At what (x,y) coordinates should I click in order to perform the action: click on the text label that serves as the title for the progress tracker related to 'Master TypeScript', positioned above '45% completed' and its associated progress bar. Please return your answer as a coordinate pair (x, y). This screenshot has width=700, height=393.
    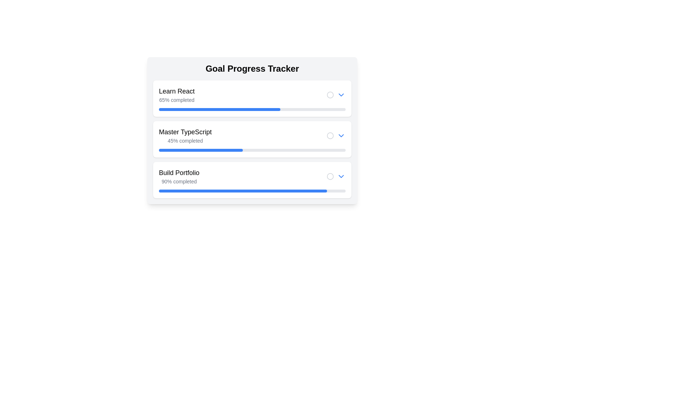
    Looking at the image, I should click on (185, 132).